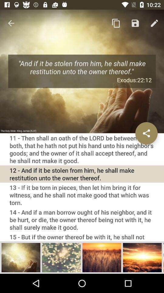 Image resolution: width=164 pixels, height=293 pixels. What do you see at coordinates (82, 236) in the screenshot?
I see `15 but if icon` at bounding box center [82, 236].